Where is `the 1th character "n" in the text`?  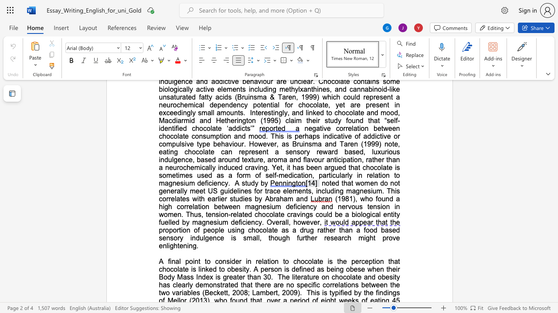
the 1th character "n" in the text is located at coordinates (173, 261).